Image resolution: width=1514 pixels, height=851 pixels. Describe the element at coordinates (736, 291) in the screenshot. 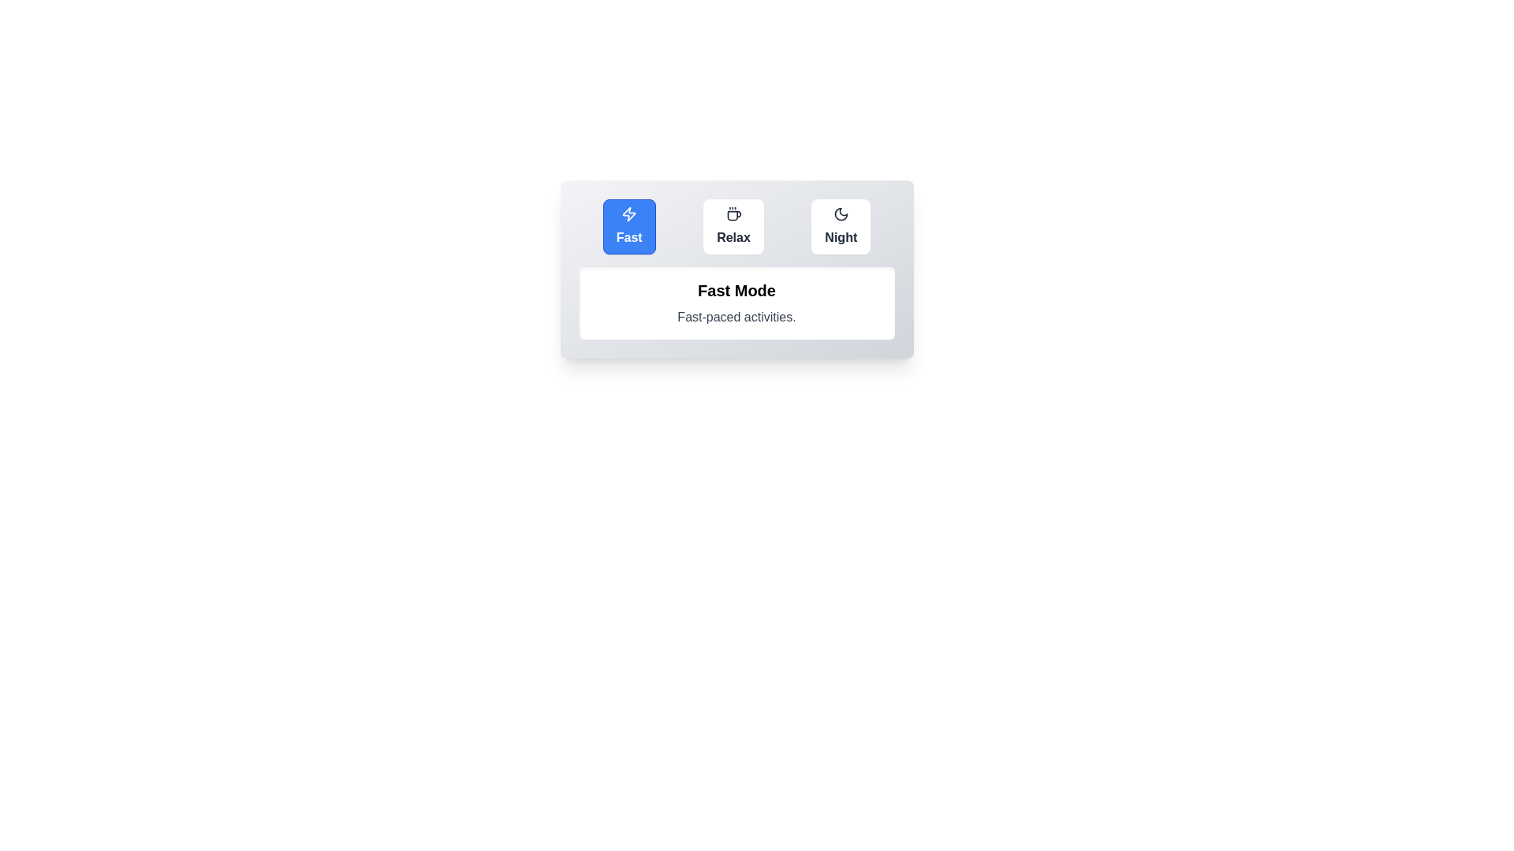

I see `the 'Fast Mode' text label, which indicates the current mode and is centrally aligned within a highlighted section` at that location.